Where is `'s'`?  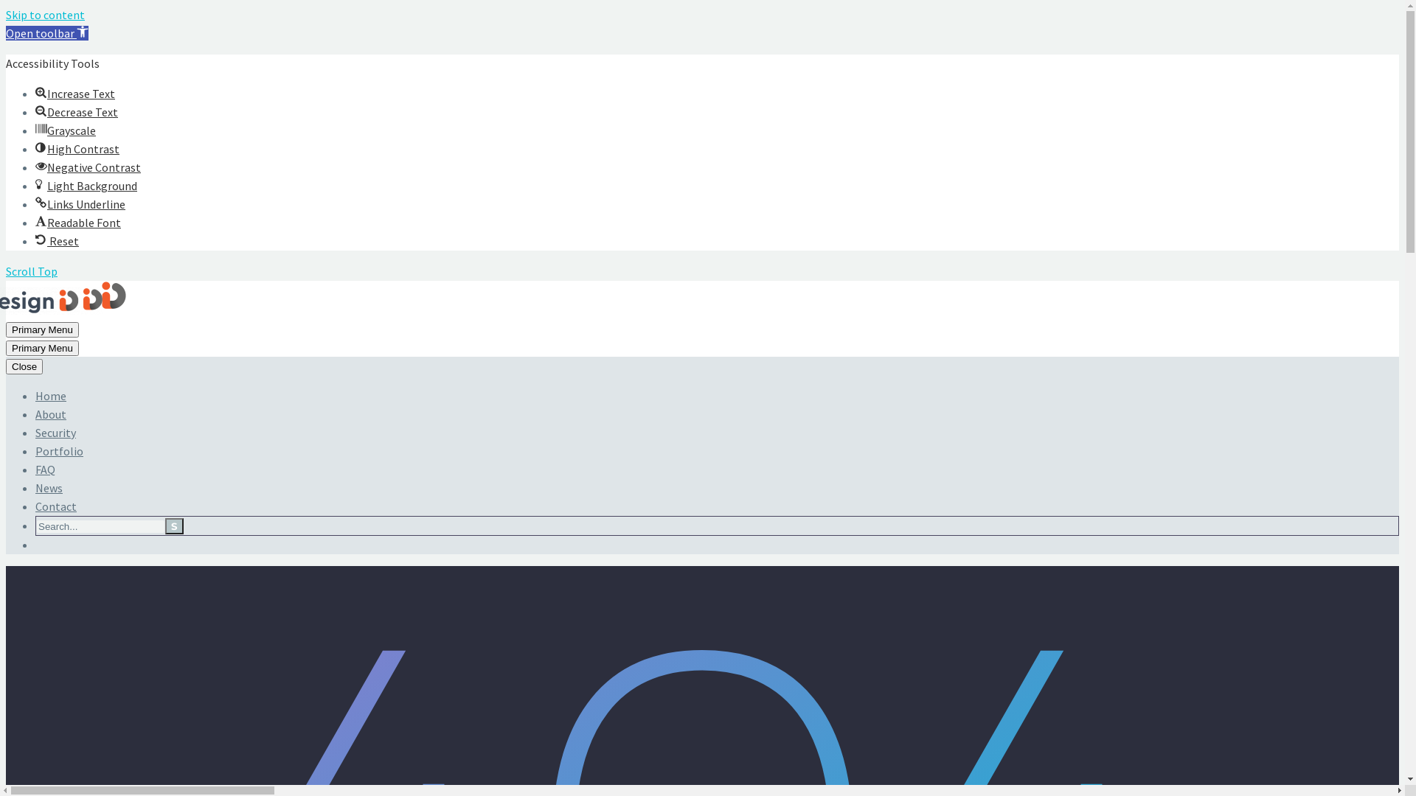
's' is located at coordinates (174, 525).